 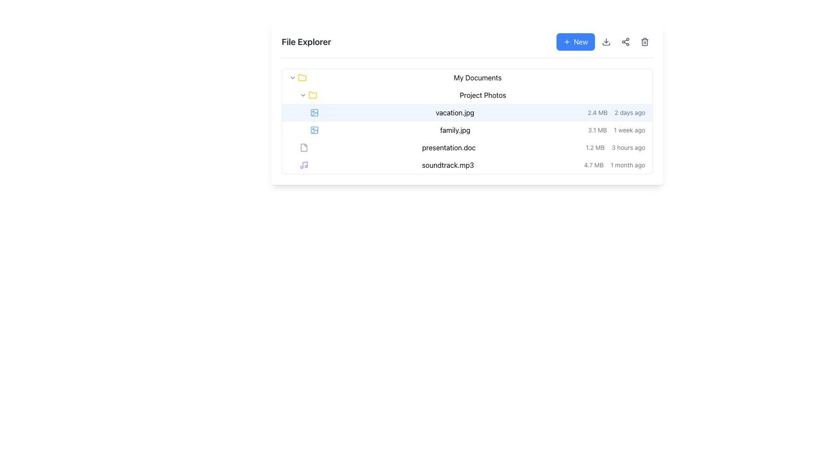 What do you see at coordinates (628, 147) in the screenshot?
I see `information displayed in the text label that reads '3 hours ago', located on the rightmost part of a row in a file list interface, between '1.2 MB' and the edge of the row` at bounding box center [628, 147].